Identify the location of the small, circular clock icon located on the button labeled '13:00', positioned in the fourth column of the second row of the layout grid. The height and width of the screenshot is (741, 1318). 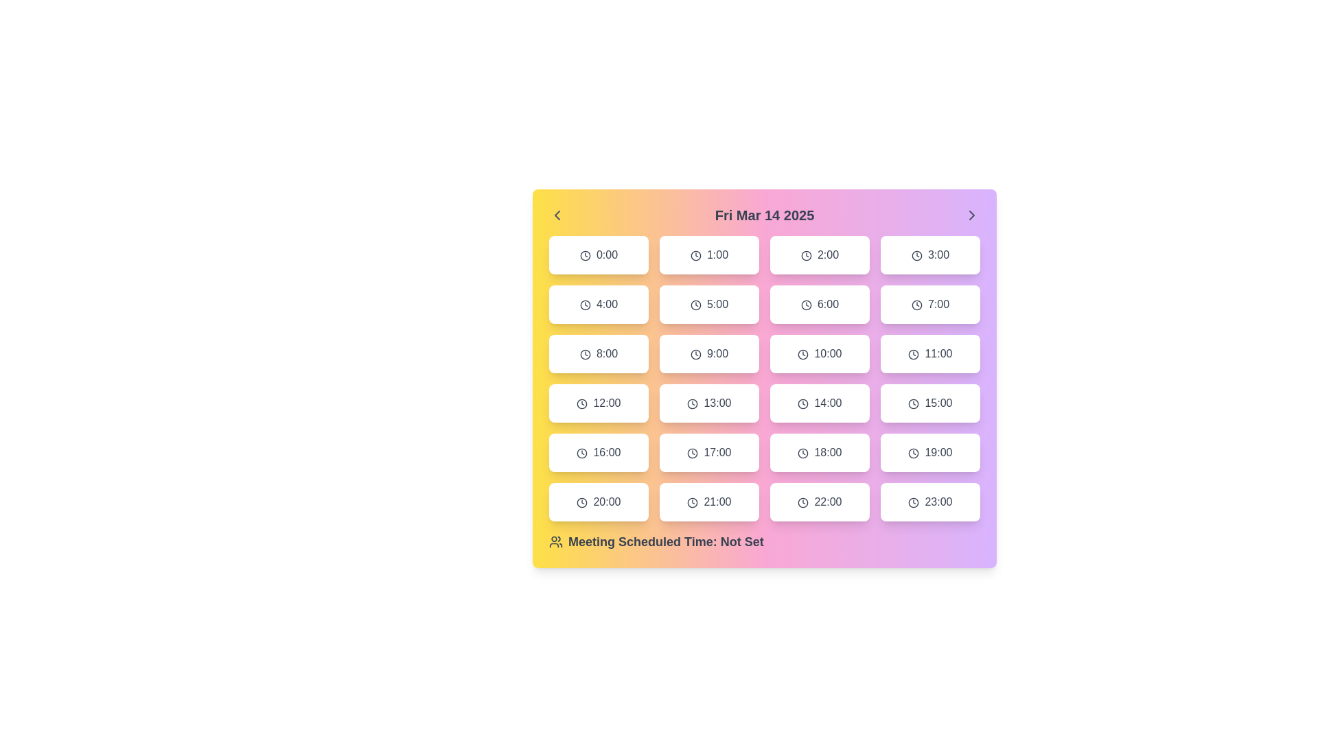
(693, 403).